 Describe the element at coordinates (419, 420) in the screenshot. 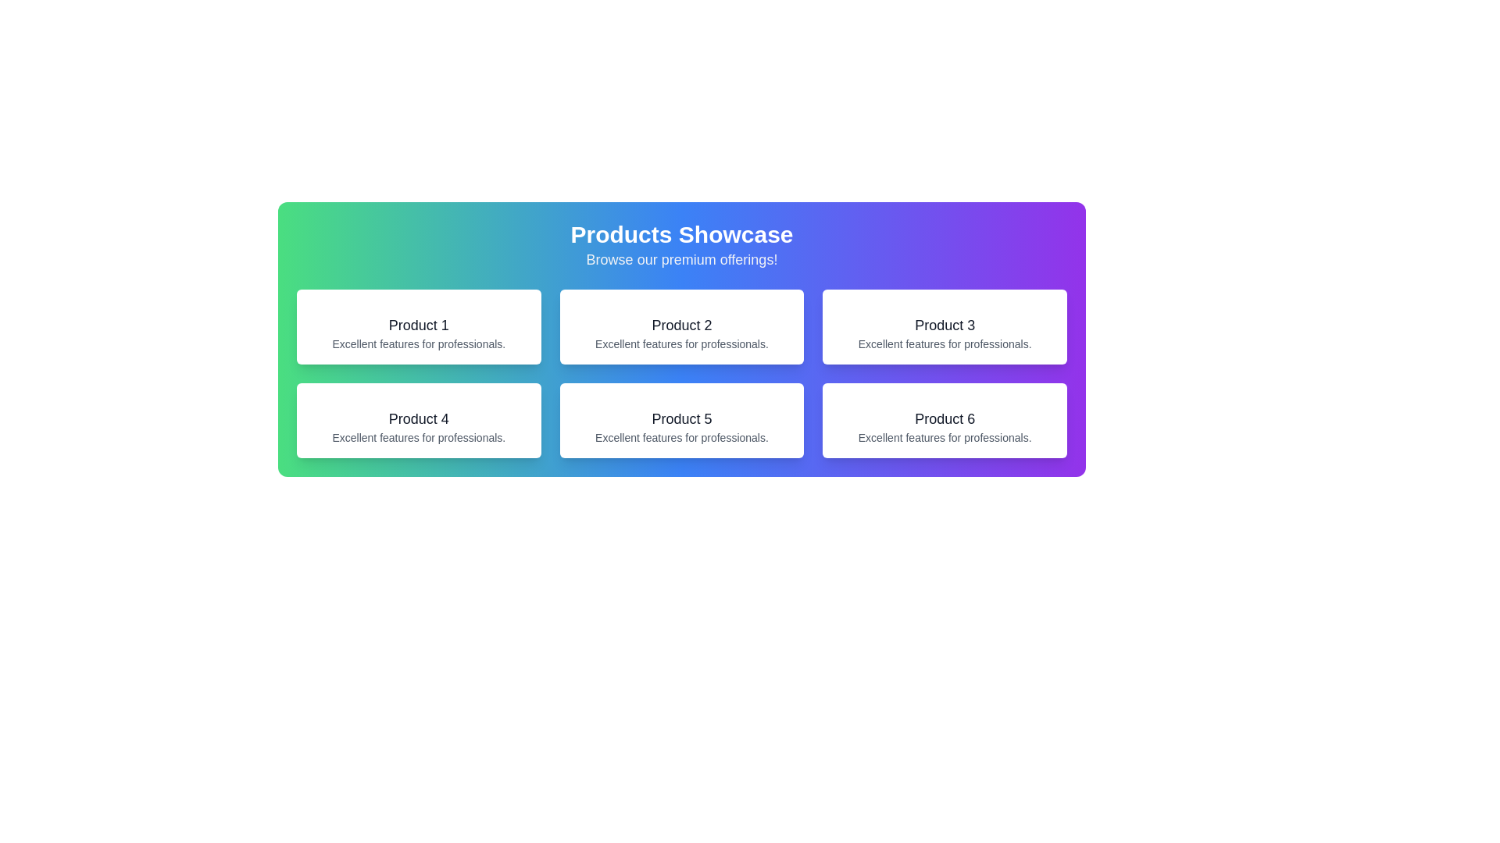

I see `the Display card titled 'Product 4' which has a white background, rounded corners, and contains a title in bold text and a description in smaller text` at that location.